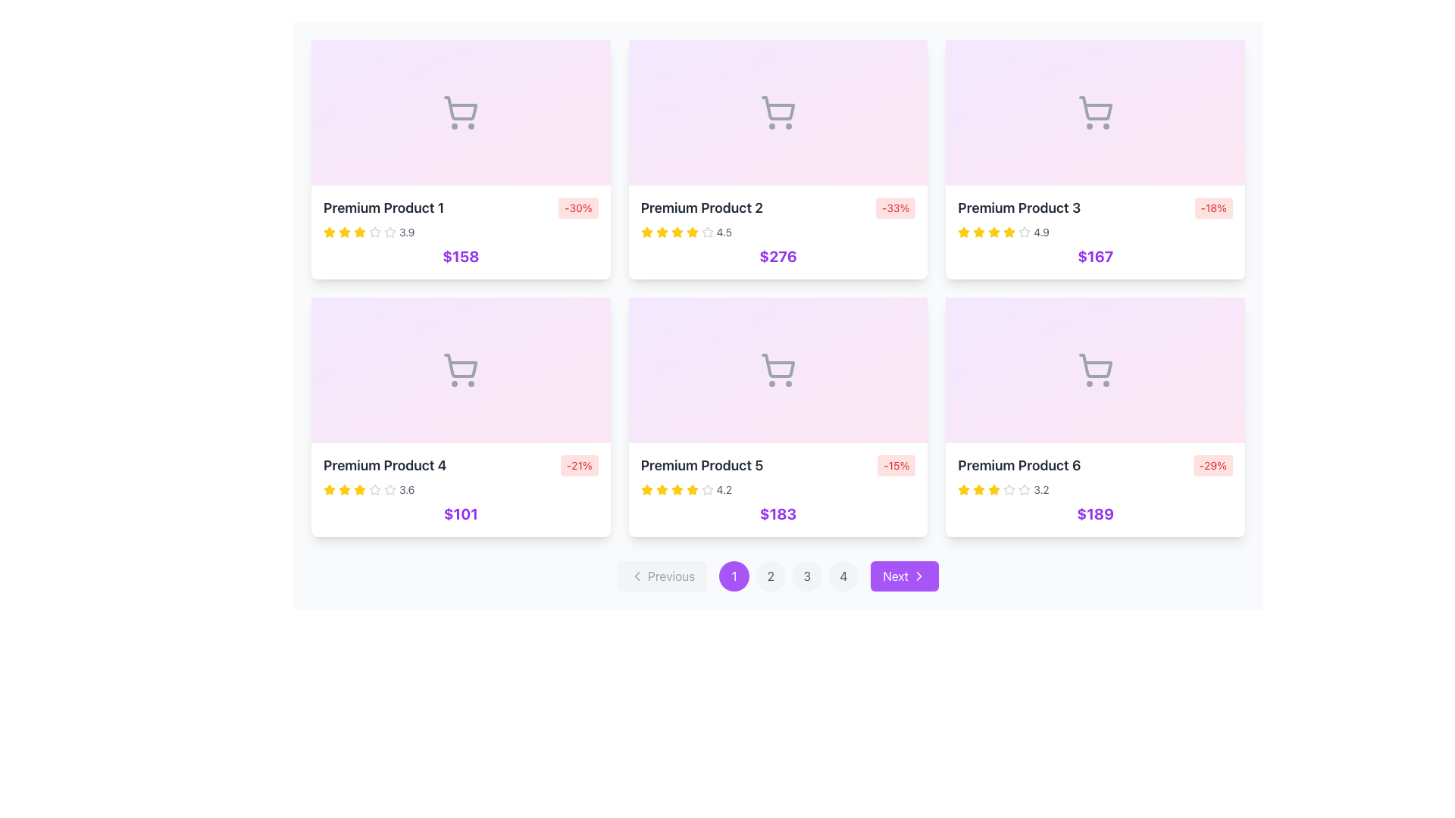 Image resolution: width=1455 pixels, height=818 pixels. I want to click on the visual style of the yellow star icon, which is the first star in the rating component under 'Premium Product 2', above the price '$276', so click(646, 233).